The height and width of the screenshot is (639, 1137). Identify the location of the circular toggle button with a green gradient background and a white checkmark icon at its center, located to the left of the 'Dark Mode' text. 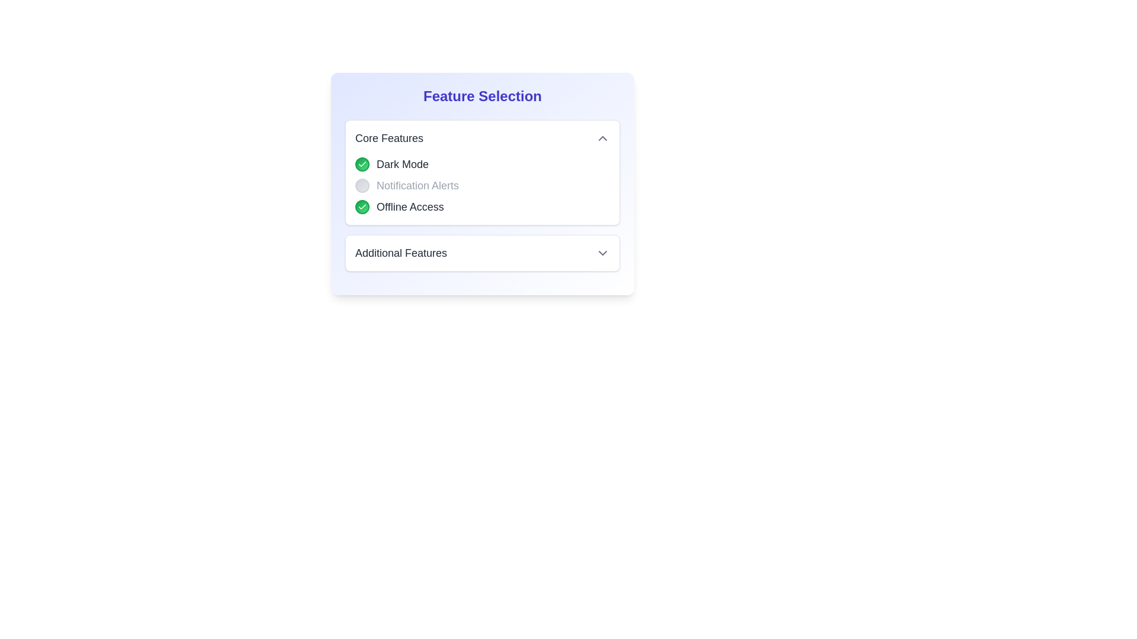
(361, 164).